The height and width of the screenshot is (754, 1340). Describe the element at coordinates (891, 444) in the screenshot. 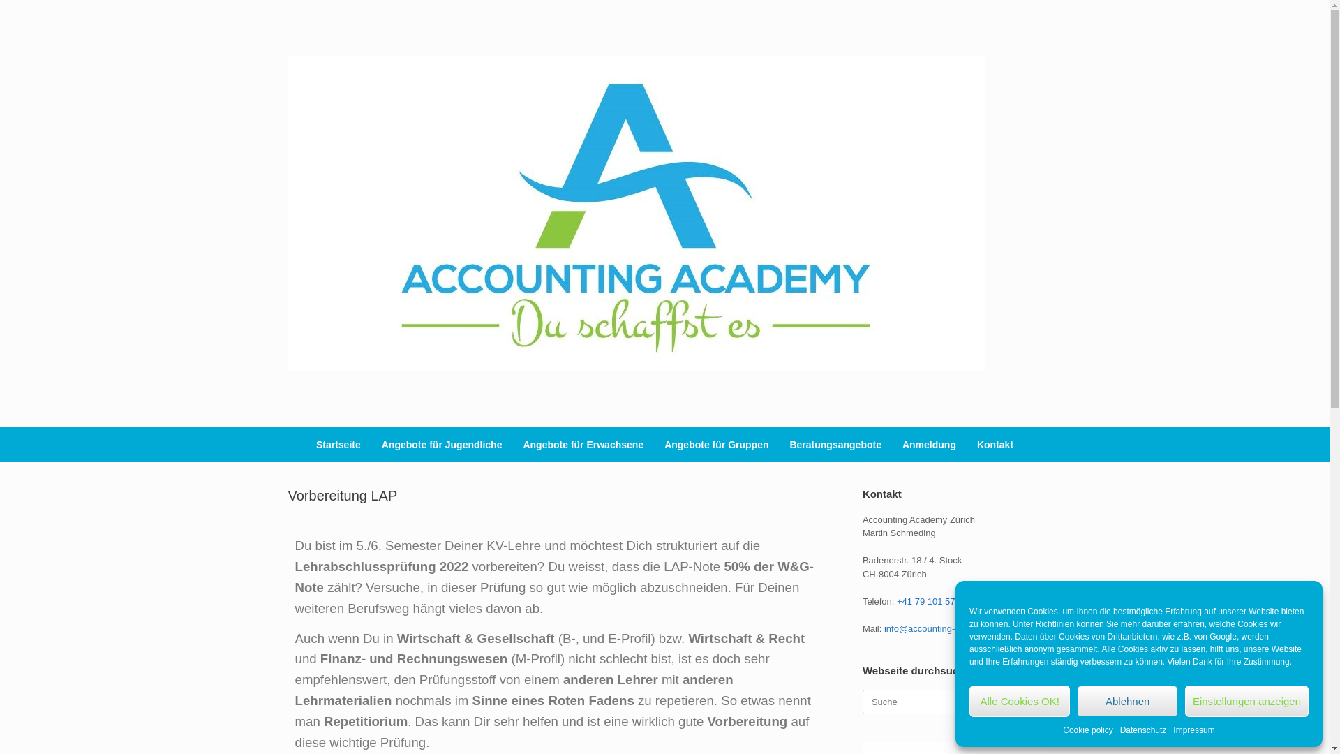

I see `'Anmeldung'` at that location.